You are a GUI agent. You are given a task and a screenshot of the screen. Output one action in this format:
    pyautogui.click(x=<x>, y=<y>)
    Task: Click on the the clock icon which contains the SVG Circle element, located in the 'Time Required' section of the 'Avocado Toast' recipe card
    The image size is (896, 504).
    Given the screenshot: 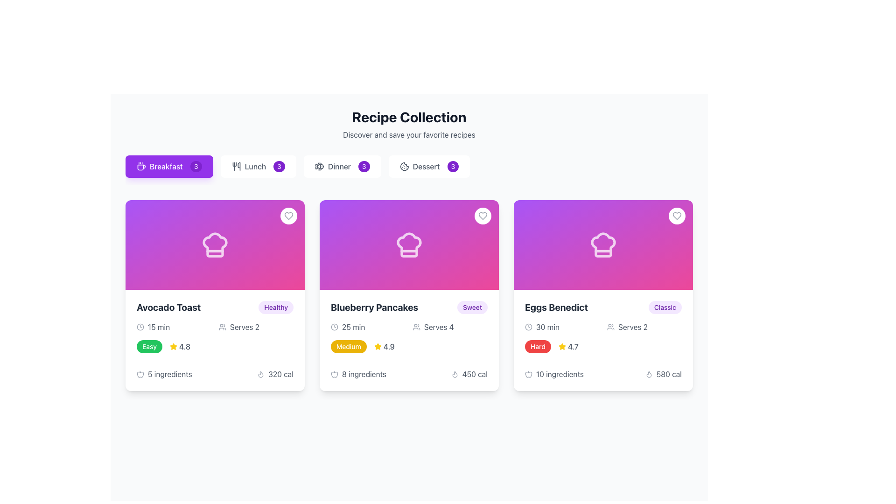 What is the action you would take?
    pyautogui.click(x=140, y=327)
    